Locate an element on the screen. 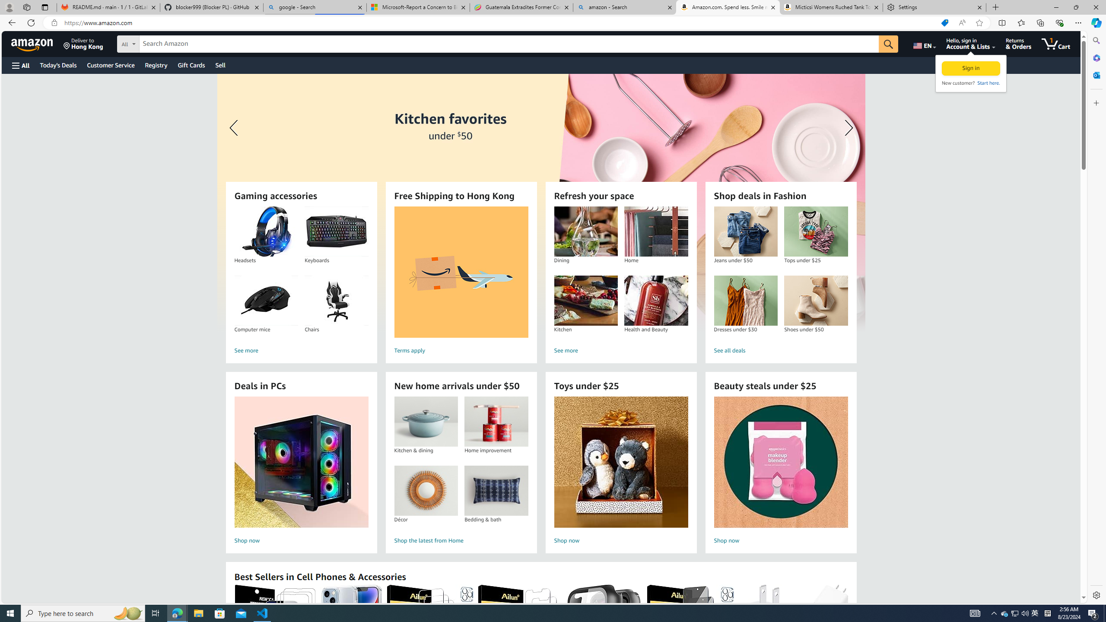 This screenshot has width=1106, height=622. 'Kitchen & dining' is located at coordinates (426, 422).